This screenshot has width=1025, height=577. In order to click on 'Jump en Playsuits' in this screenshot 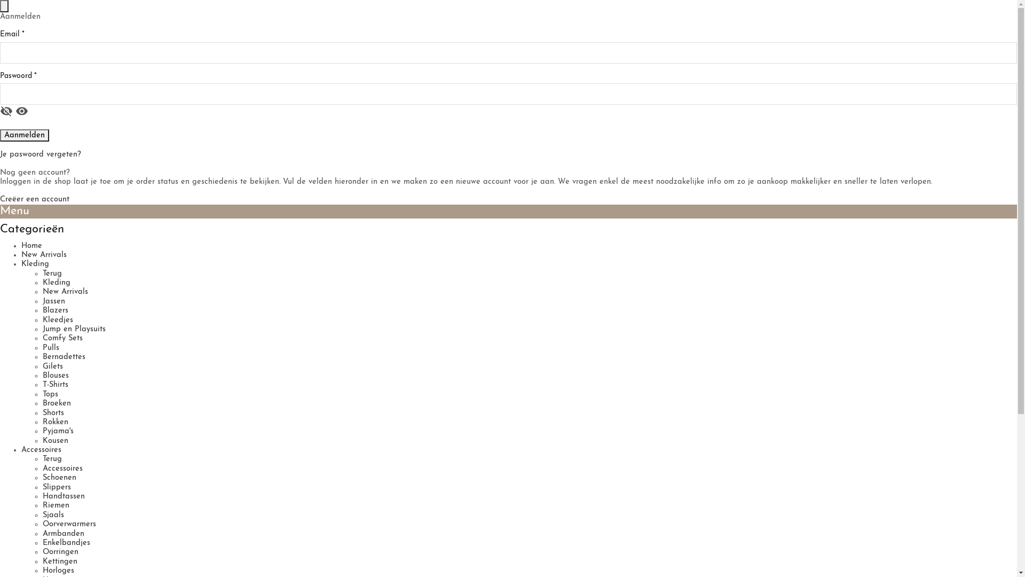, I will do `click(74, 329)`.